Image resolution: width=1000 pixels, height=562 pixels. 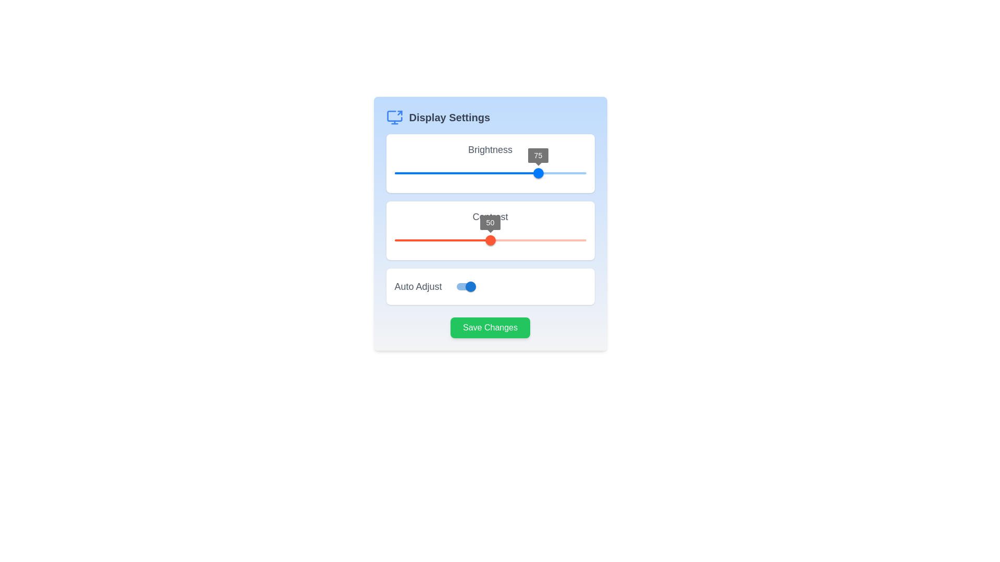 What do you see at coordinates (465, 240) in the screenshot?
I see `the contrast` at bounding box center [465, 240].